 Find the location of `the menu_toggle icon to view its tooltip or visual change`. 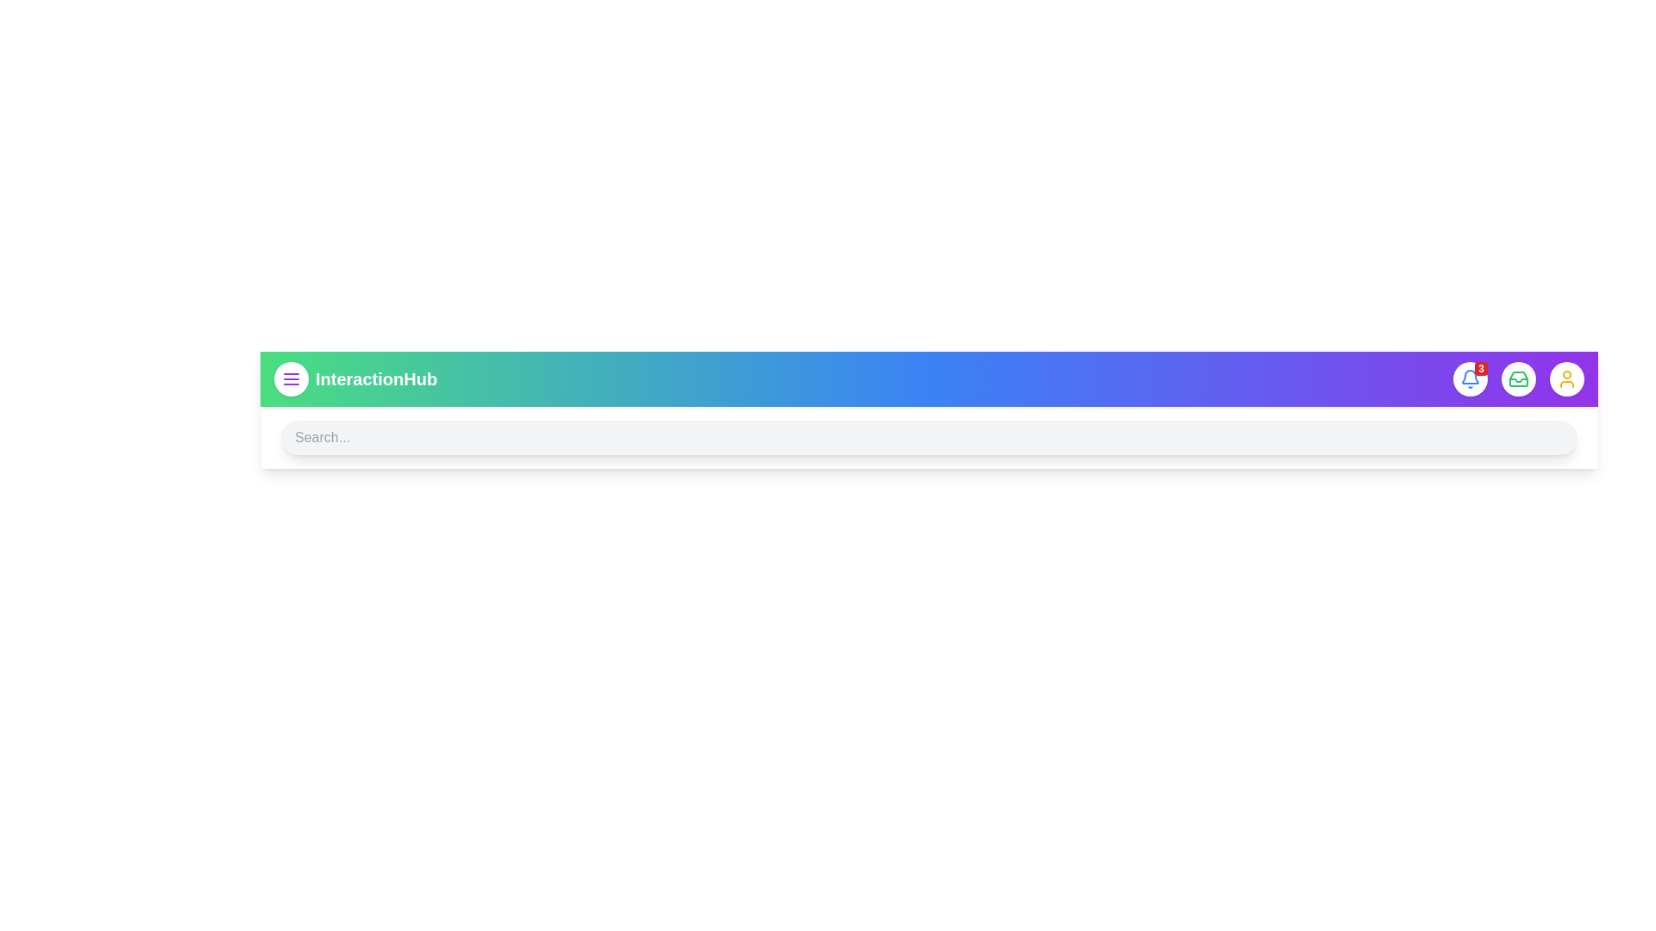

the menu_toggle icon to view its tooltip or visual change is located at coordinates (291, 378).